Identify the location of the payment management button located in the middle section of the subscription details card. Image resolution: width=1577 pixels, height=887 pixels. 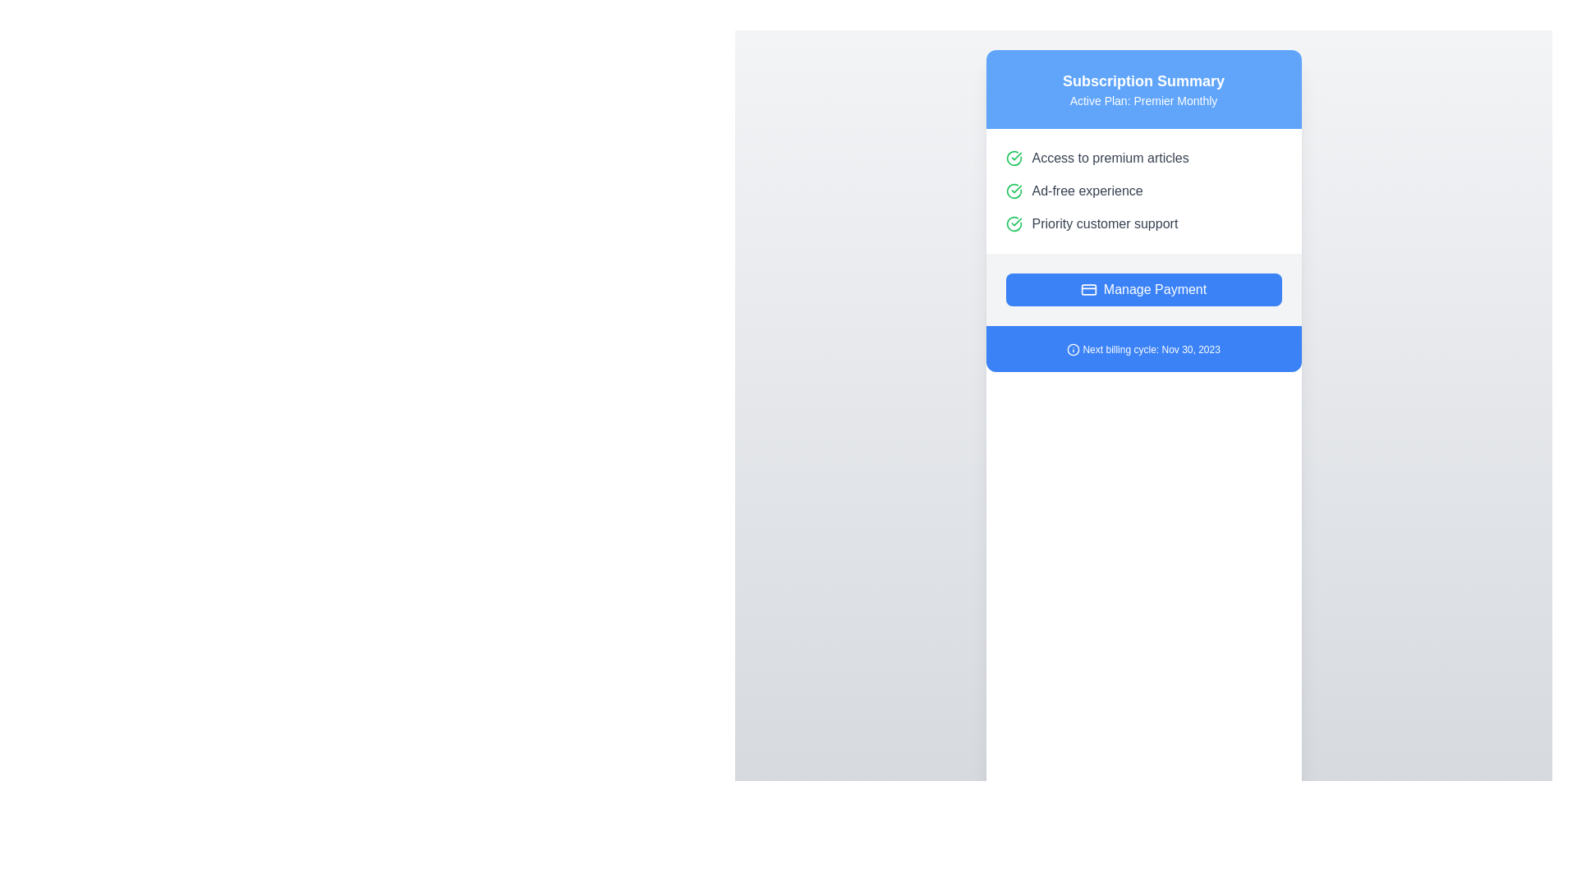
(1143, 289).